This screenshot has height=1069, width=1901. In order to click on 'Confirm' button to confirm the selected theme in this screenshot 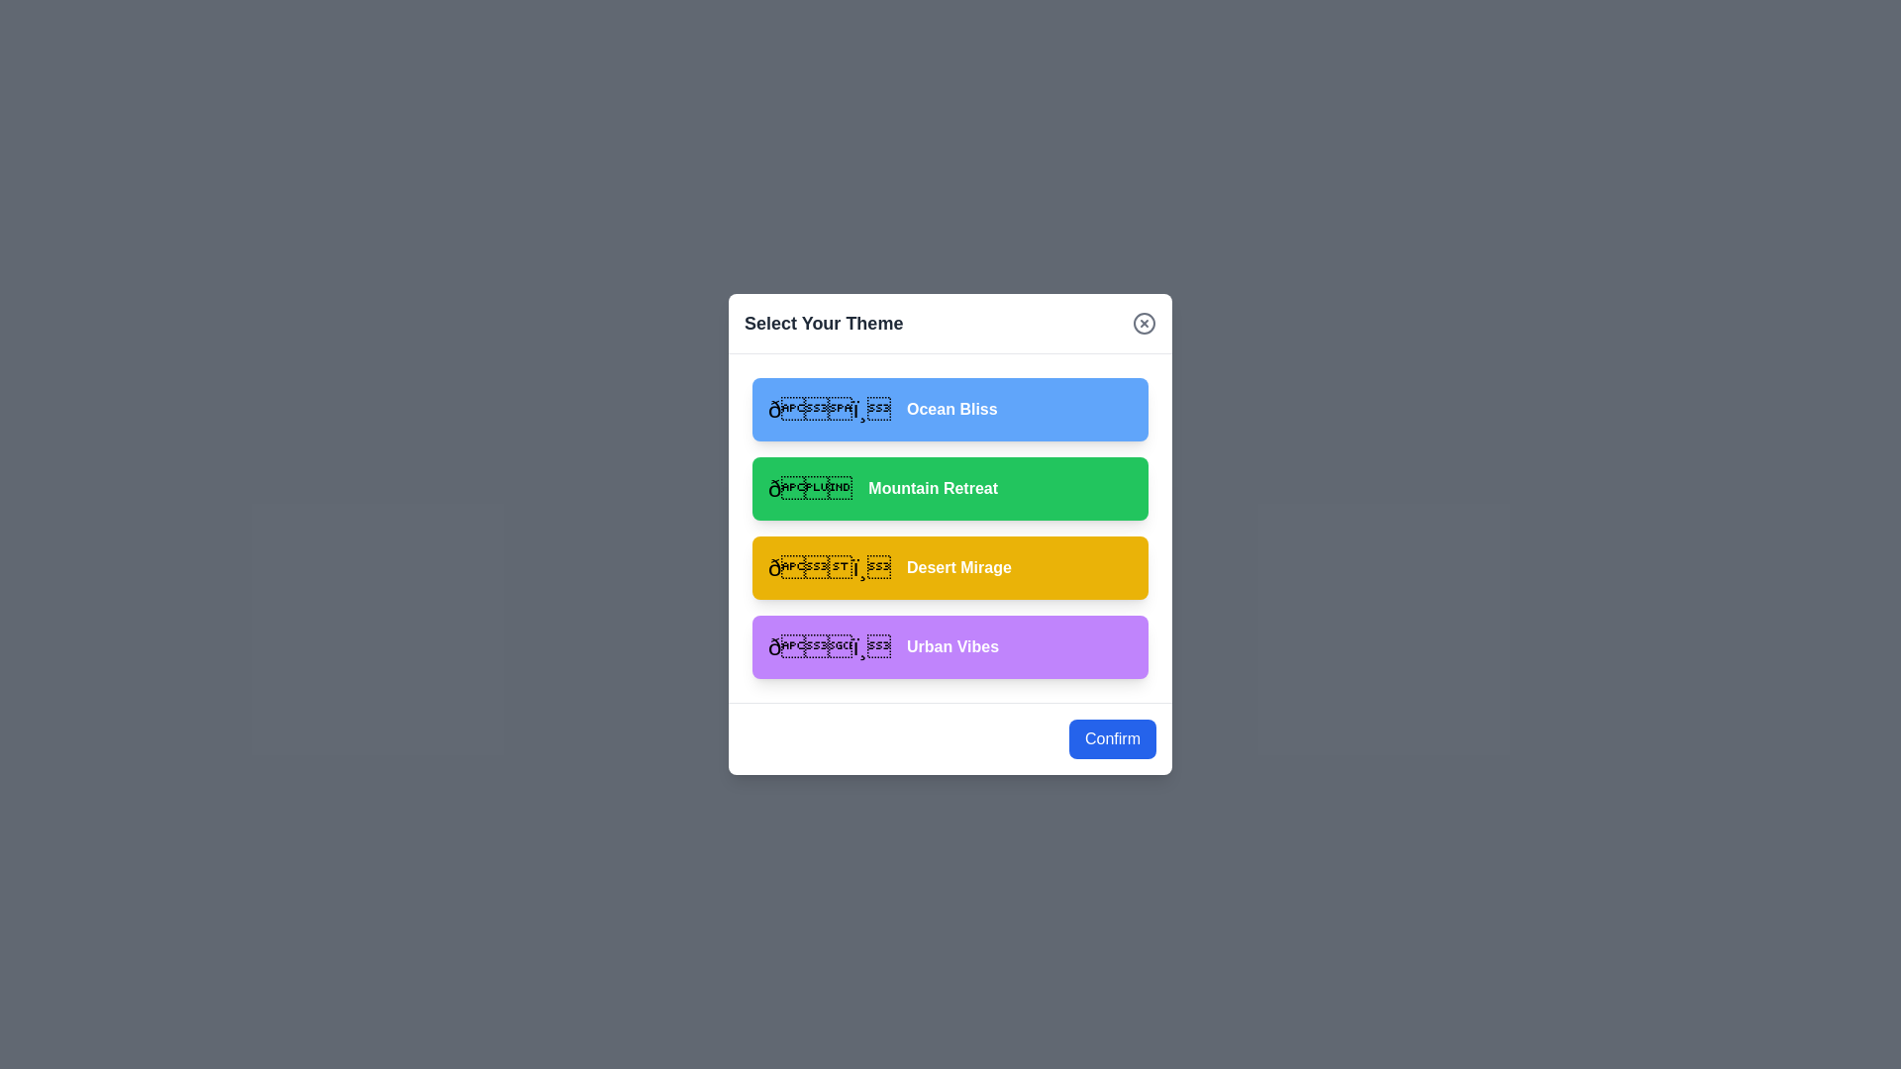, I will do `click(1112, 739)`.